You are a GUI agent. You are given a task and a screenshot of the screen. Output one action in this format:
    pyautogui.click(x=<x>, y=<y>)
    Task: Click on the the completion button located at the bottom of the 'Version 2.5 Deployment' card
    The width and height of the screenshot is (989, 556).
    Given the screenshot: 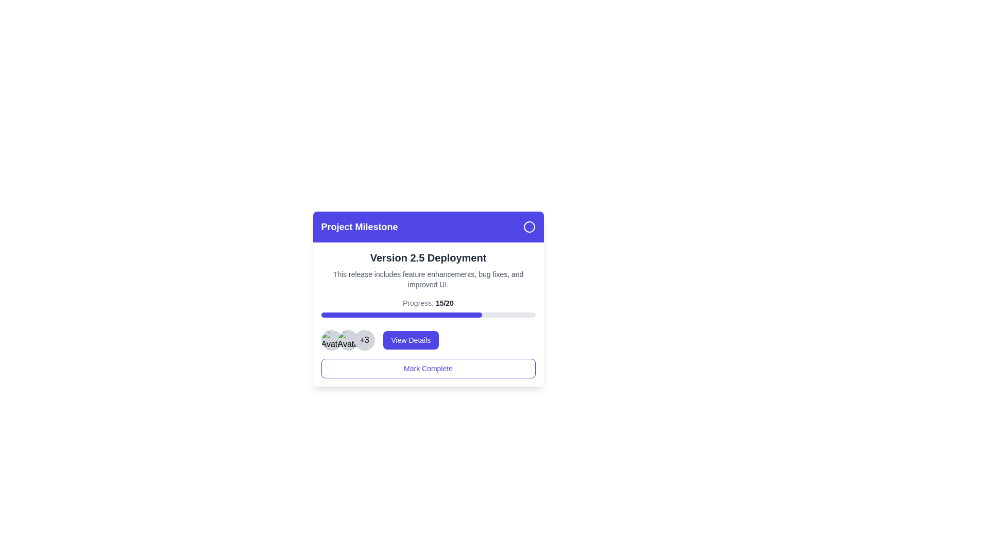 What is the action you would take?
    pyautogui.click(x=428, y=368)
    